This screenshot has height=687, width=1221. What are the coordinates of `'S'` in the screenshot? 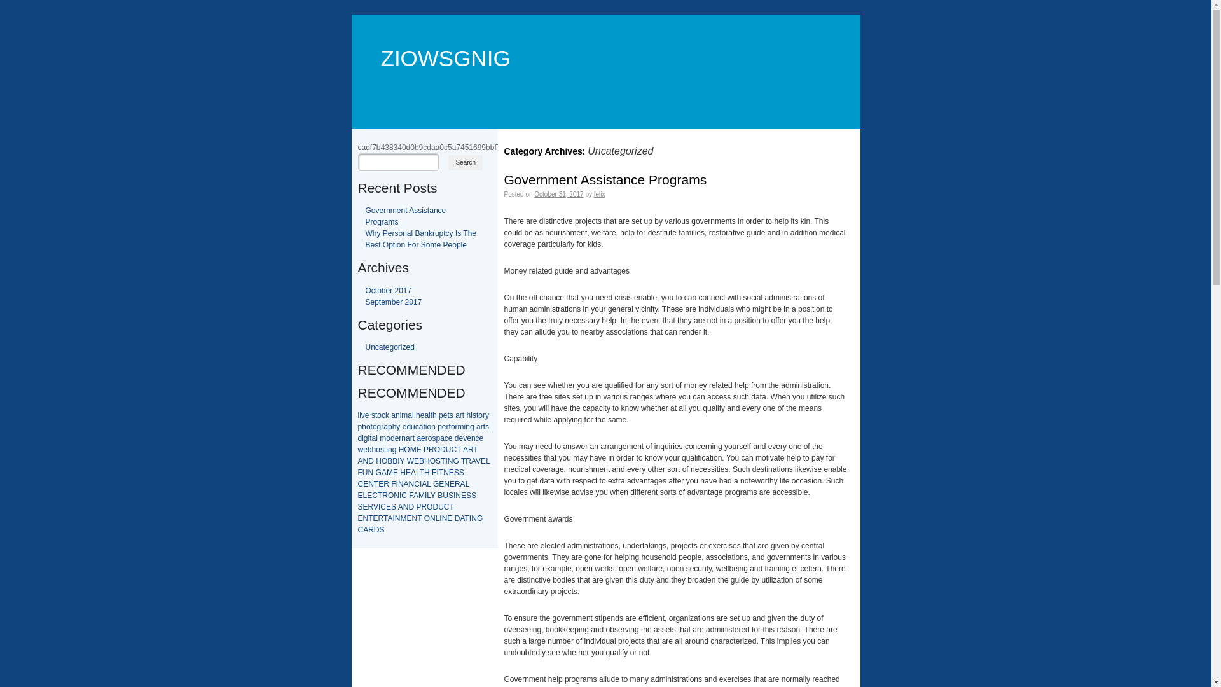 It's located at (438, 461).